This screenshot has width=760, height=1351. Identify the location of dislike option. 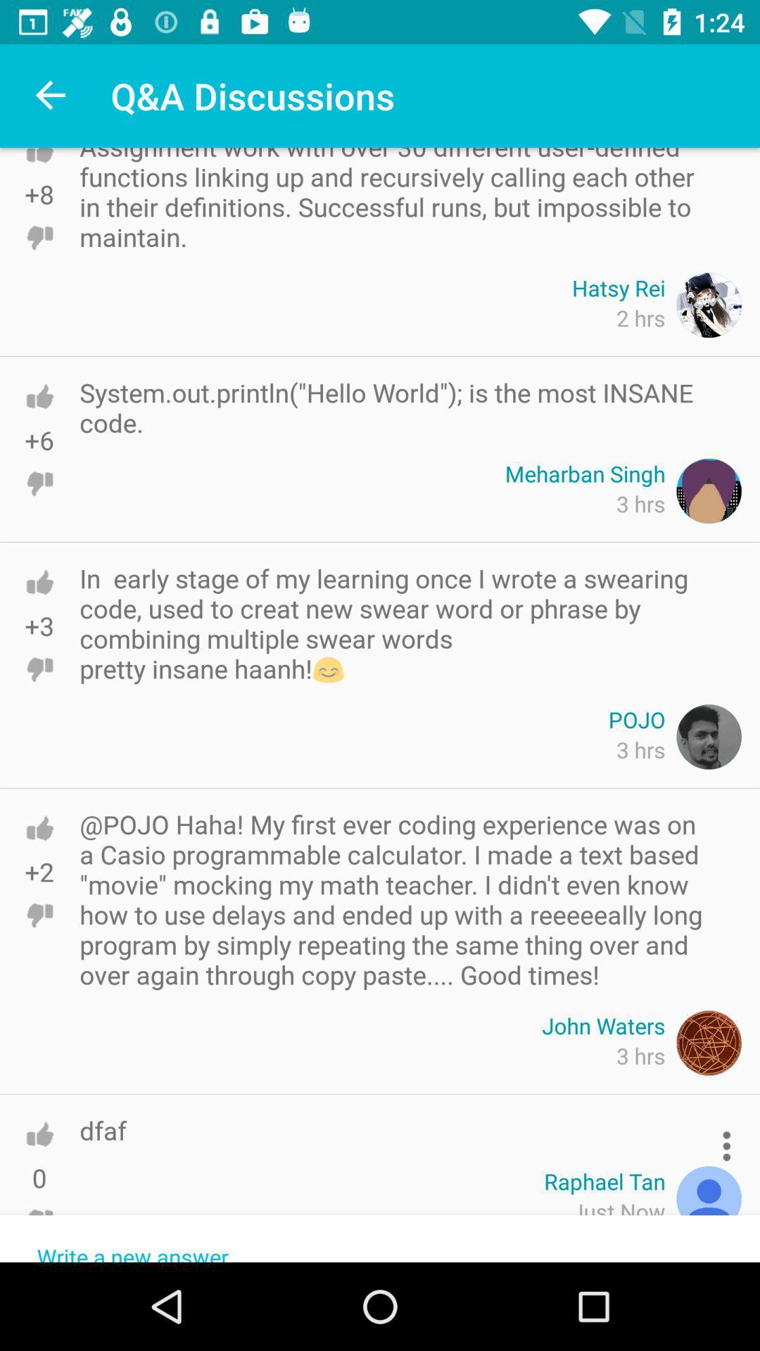
(39, 483).